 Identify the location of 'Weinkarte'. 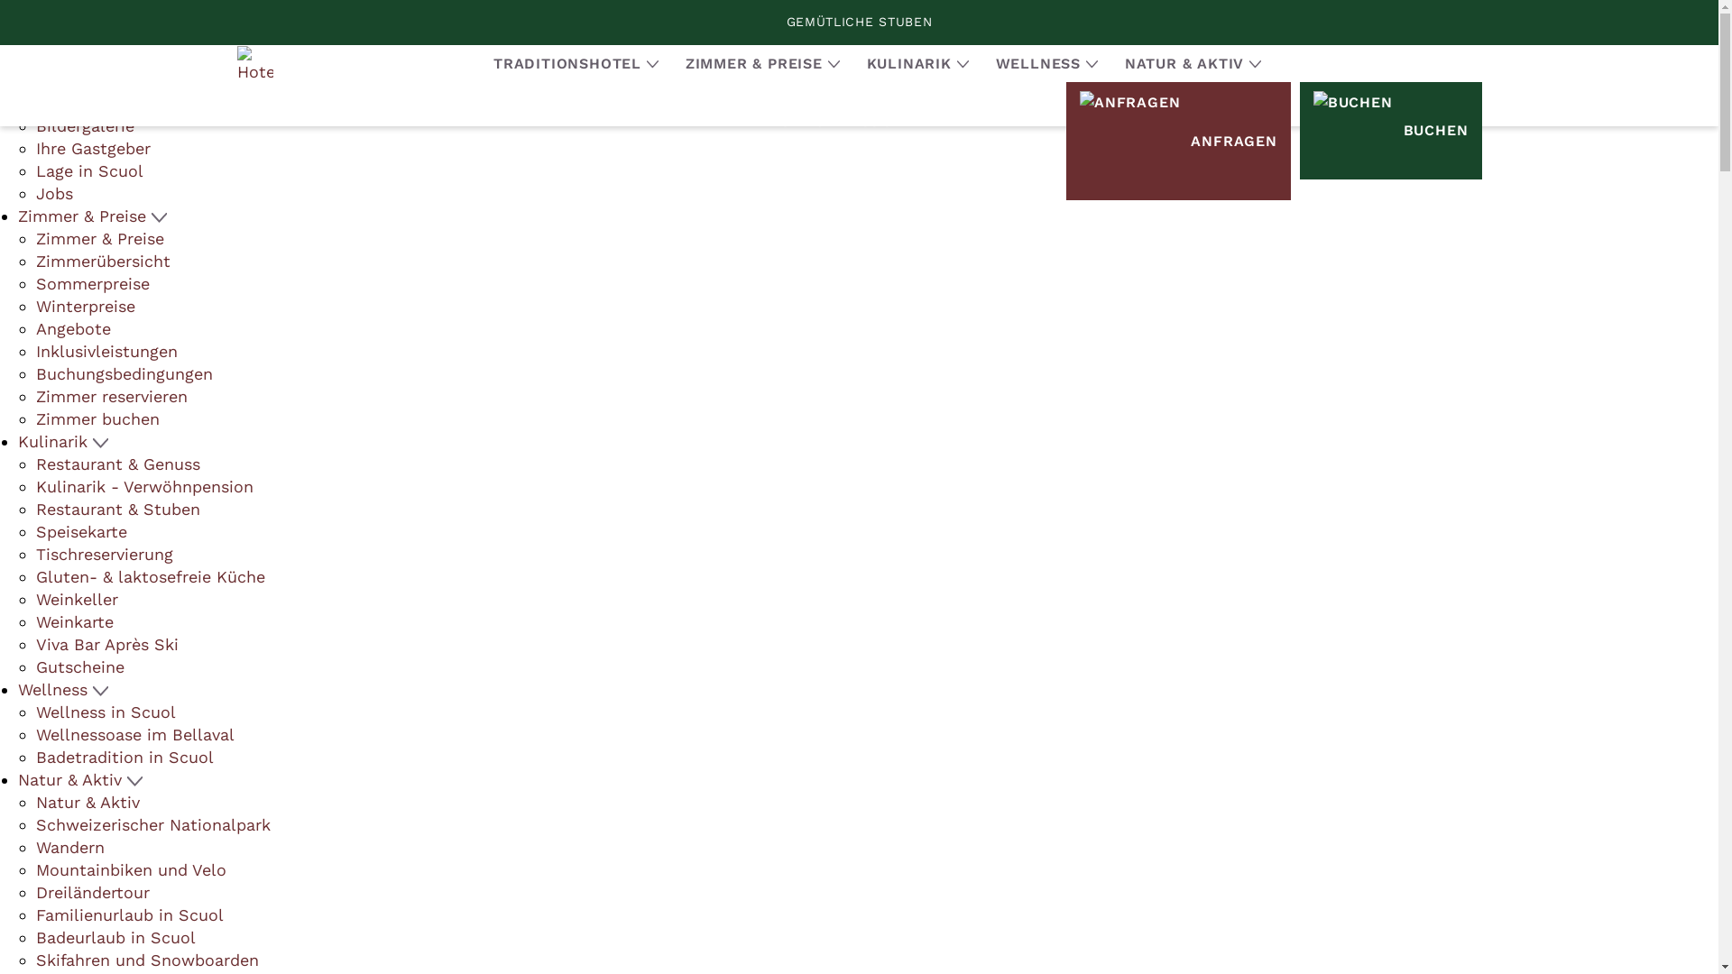
(73, 620).